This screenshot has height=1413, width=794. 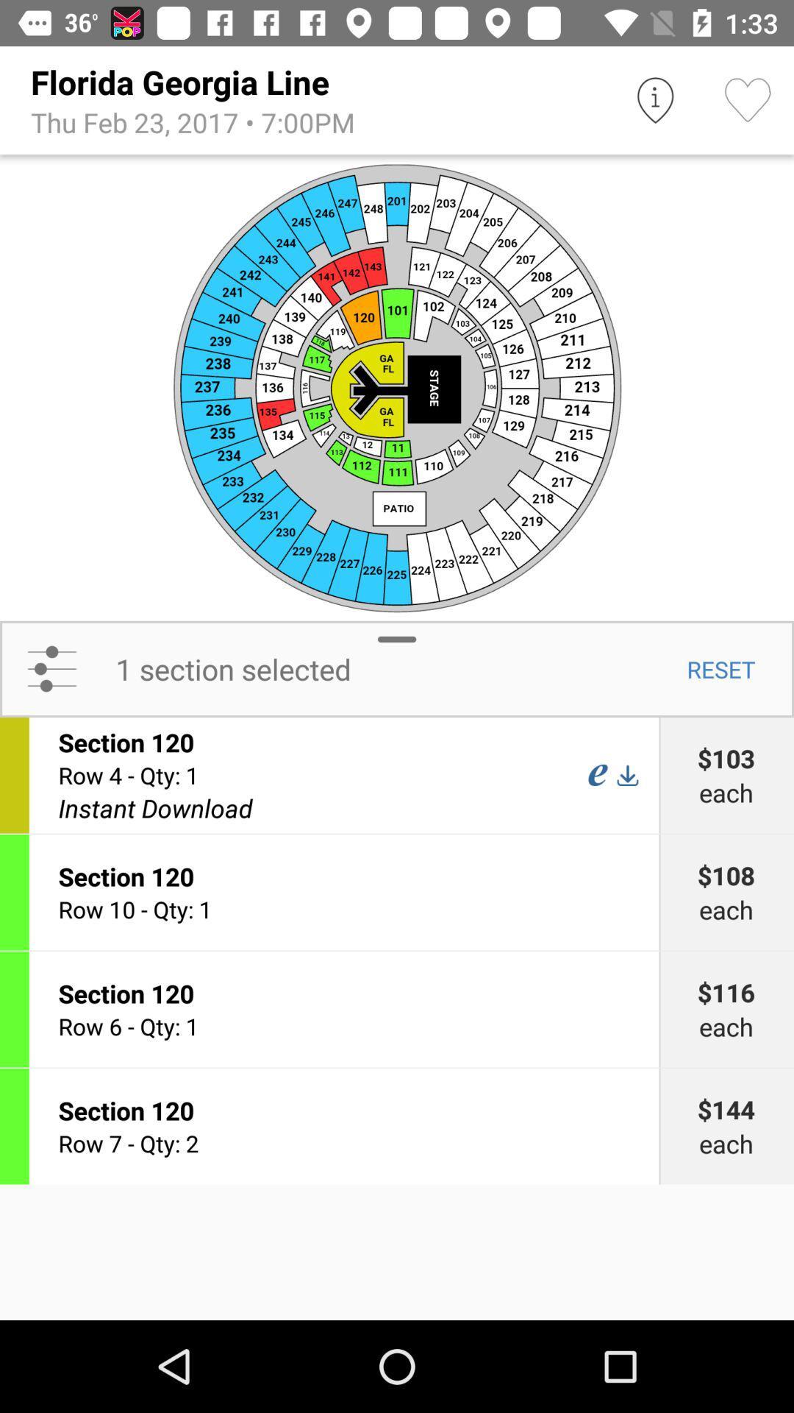 What do you see at coordinates (654, 99) in the screenshot?
I see `icon to the right of the thu feb 23` at bounding box center [654, 99].